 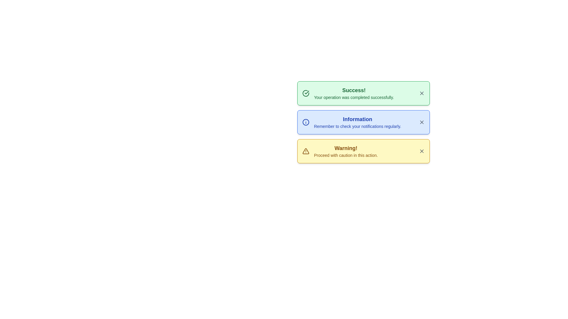 I want to click on the text block that contains the heading 'Information' and the subtext 'Remember to check your notifications regularly.' It is located in the middle notification among three stacked notifications, specifically the second notification from the top, so click(x=357, y=122).